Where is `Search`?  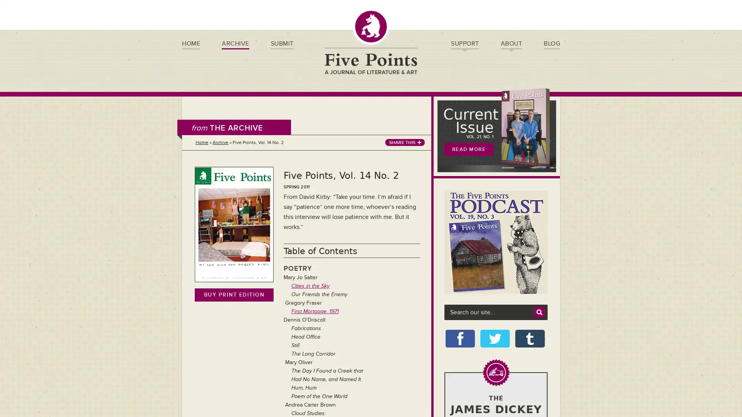 Search is located at coordinates (539, 312).